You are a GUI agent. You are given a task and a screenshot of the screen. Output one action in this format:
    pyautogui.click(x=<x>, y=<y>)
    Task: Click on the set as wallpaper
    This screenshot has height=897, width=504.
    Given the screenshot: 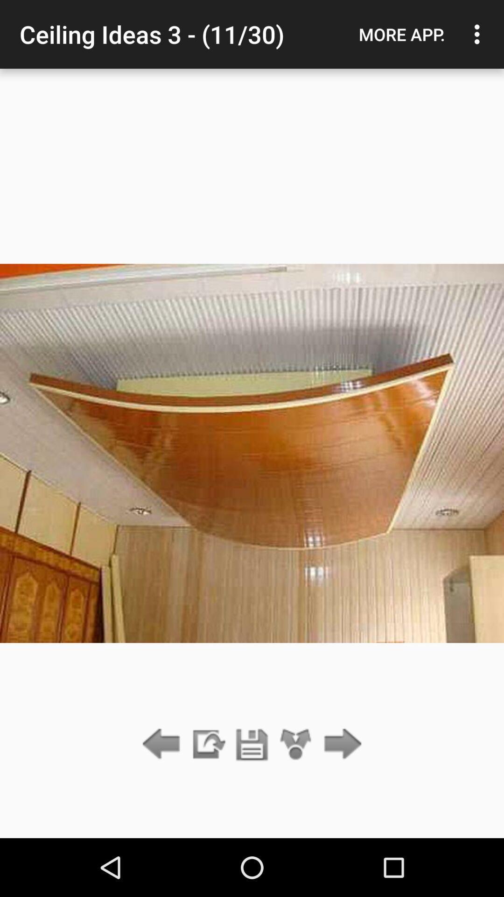 What is the action you would take?
    pyautogui.click(x=296, y=744)
    